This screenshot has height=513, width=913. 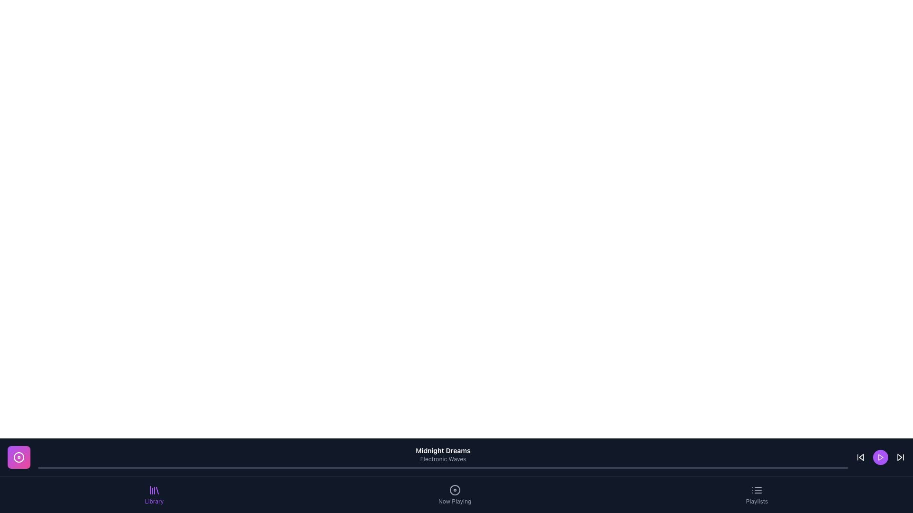 What do you see at coordinates (456, 457) in the screenshot?
I see `the Details display section at the bottom of the interface that shows 'Midnight Dreams' and 'Electronic Waves'` at bounding box center [456, 457].